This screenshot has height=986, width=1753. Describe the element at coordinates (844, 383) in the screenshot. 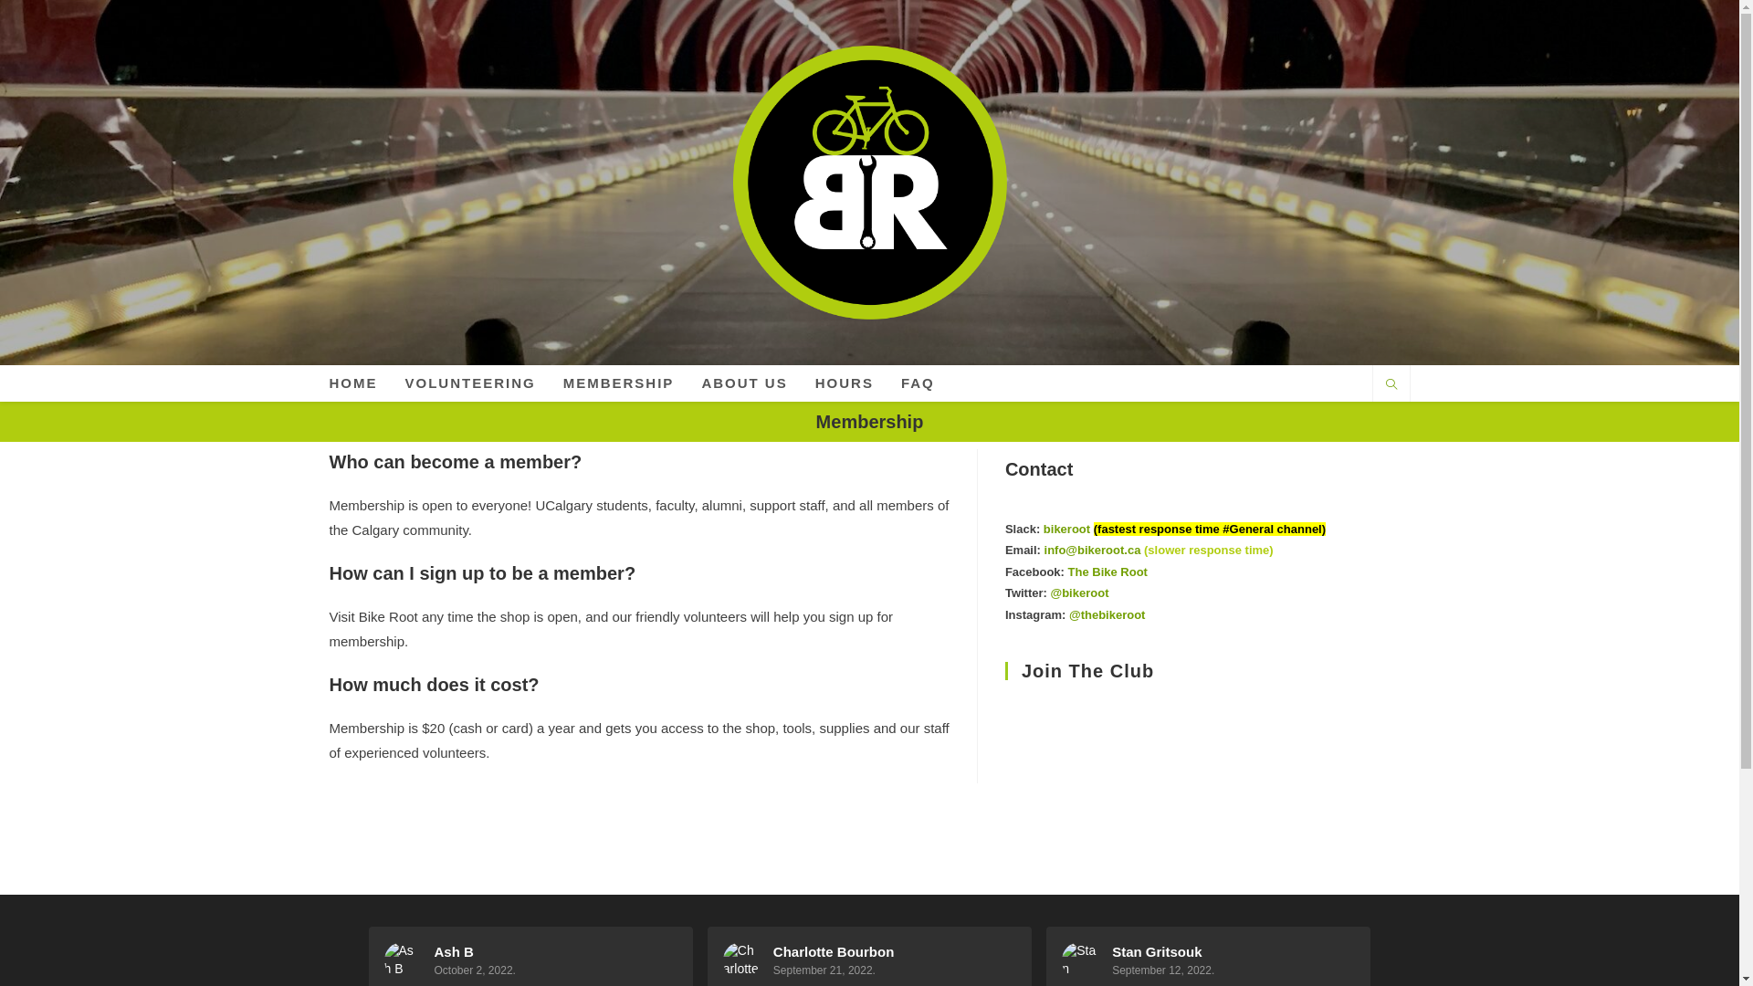

I see `'HOURS'` at that location.